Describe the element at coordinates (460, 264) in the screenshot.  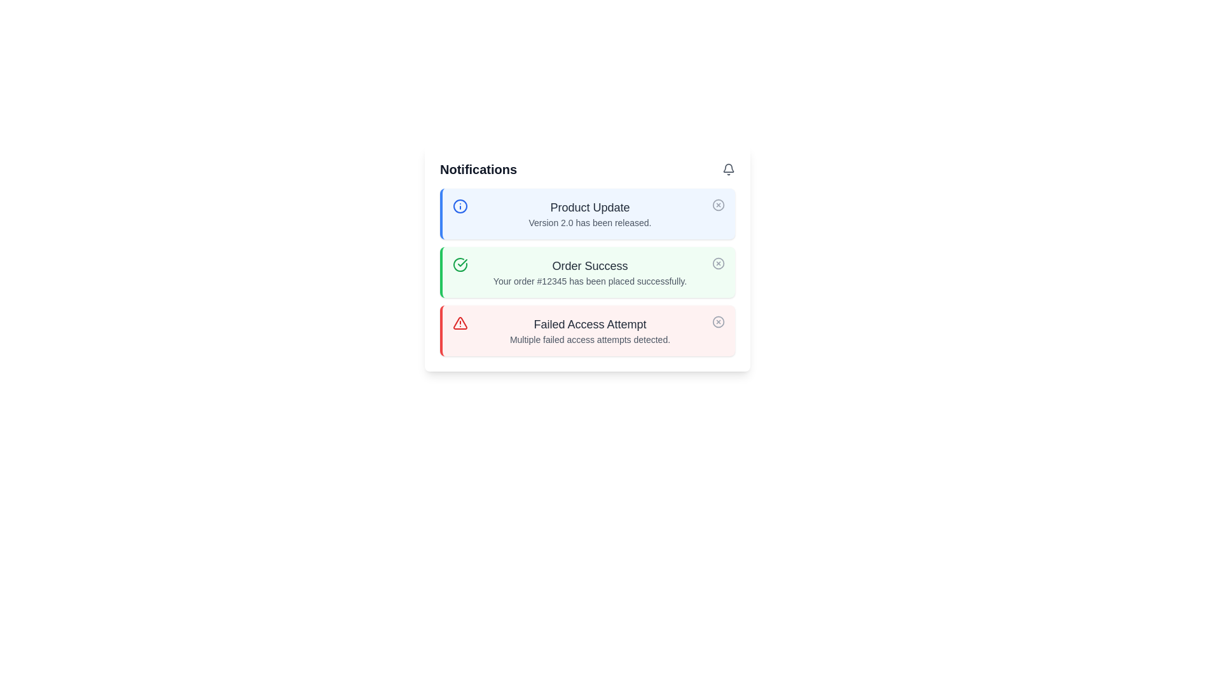
I see `the checkmark icon within the green circle in the 'Order Success' notification card located in the Notifications panel` at that location.